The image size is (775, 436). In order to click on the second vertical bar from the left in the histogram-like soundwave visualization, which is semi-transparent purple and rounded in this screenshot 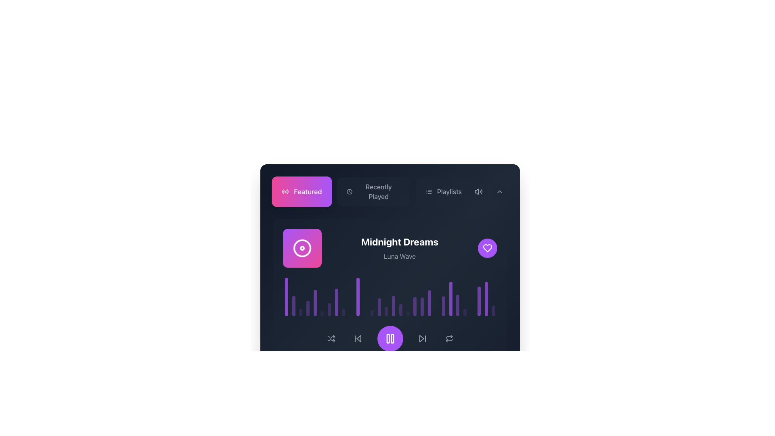, I will do `click(293, 306)`.